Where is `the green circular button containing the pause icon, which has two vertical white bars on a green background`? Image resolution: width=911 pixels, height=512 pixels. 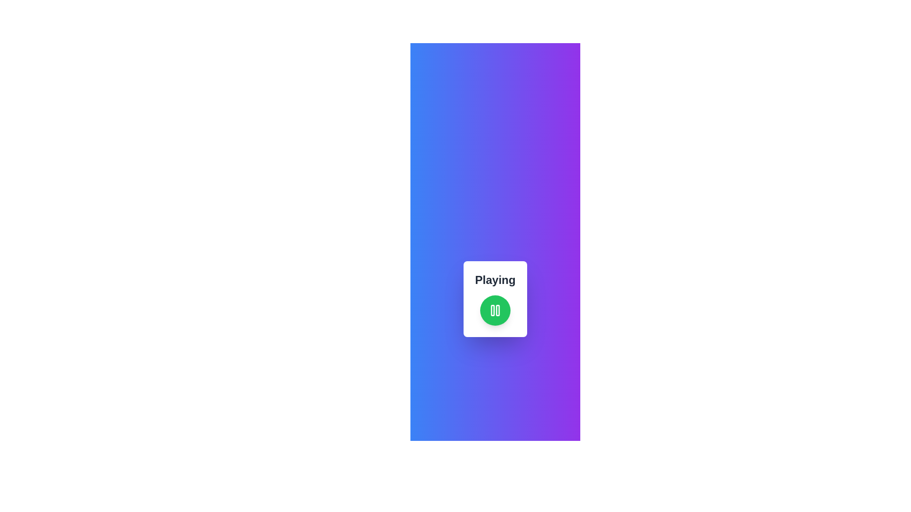
the green circular button containing the pause icon, which has two vertical white bars on a green background is located at coordinates (494, 311).